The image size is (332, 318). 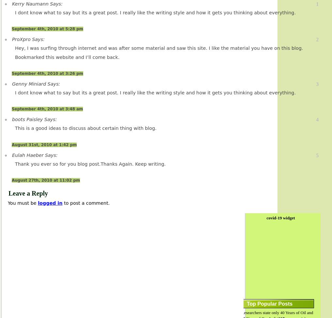 I want to click on 'boots Paisley Says:', so click(x=34, y=119).